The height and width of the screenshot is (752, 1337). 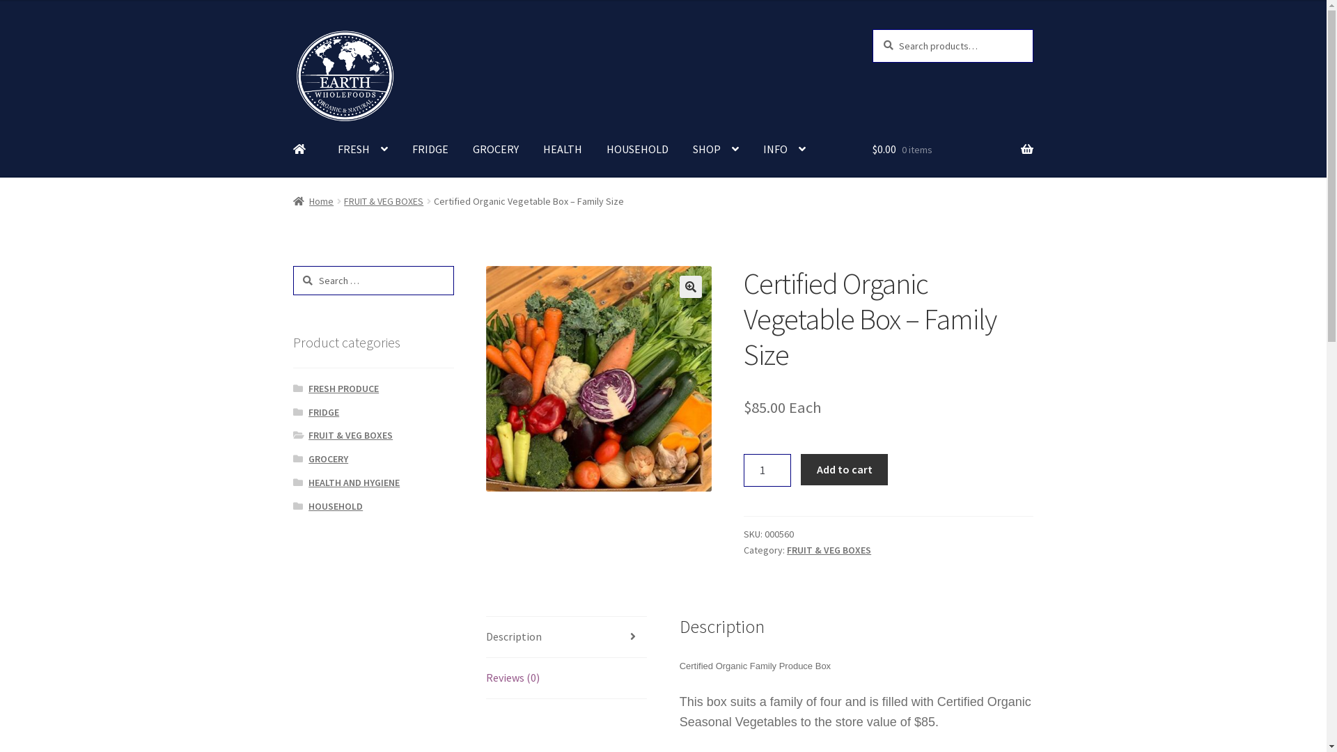 What do you see at coordinates (871, 29) in the screenshot?
I see `'Search'` at bounding box center [871, 29].